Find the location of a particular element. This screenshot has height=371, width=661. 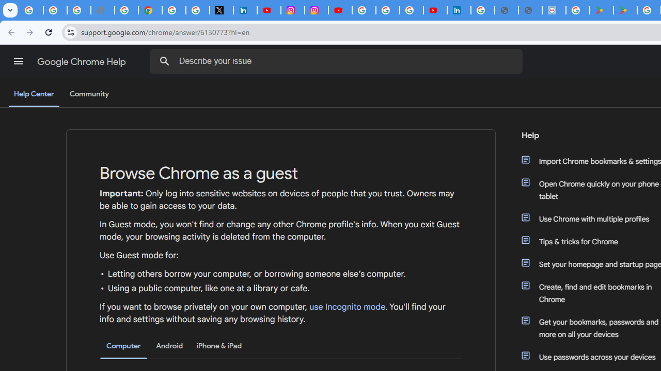

'PAW Patrol Rescue World - Apps on Google Play' is located at coordinates (624, 10).